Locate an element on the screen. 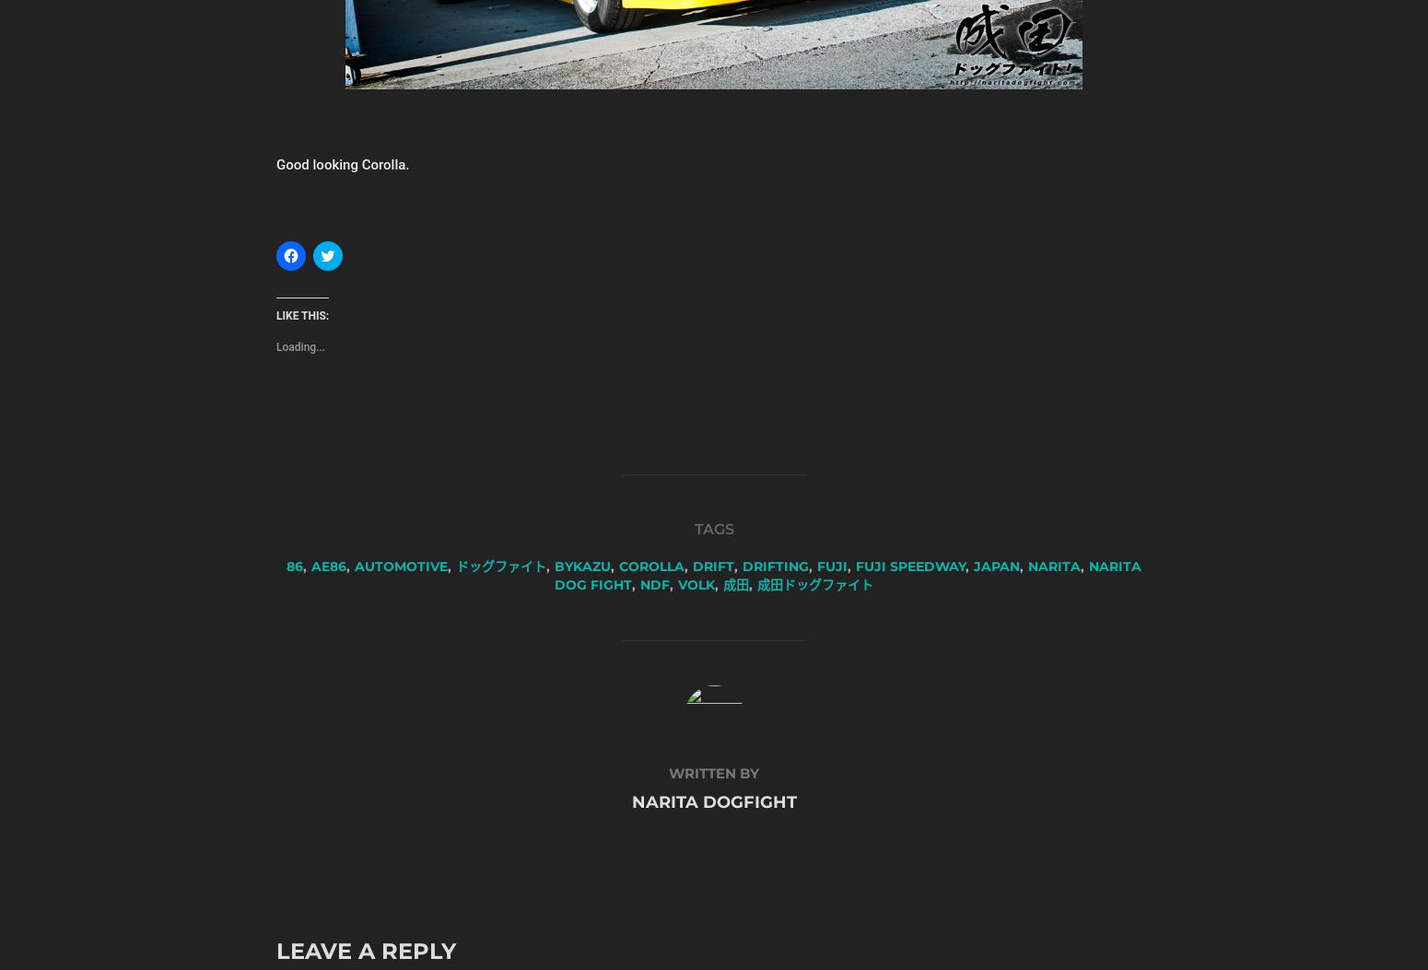 Image resolution: width=1428 pixels, height=970 pixels. 'Fuji' is located at coordinates (832, 566).